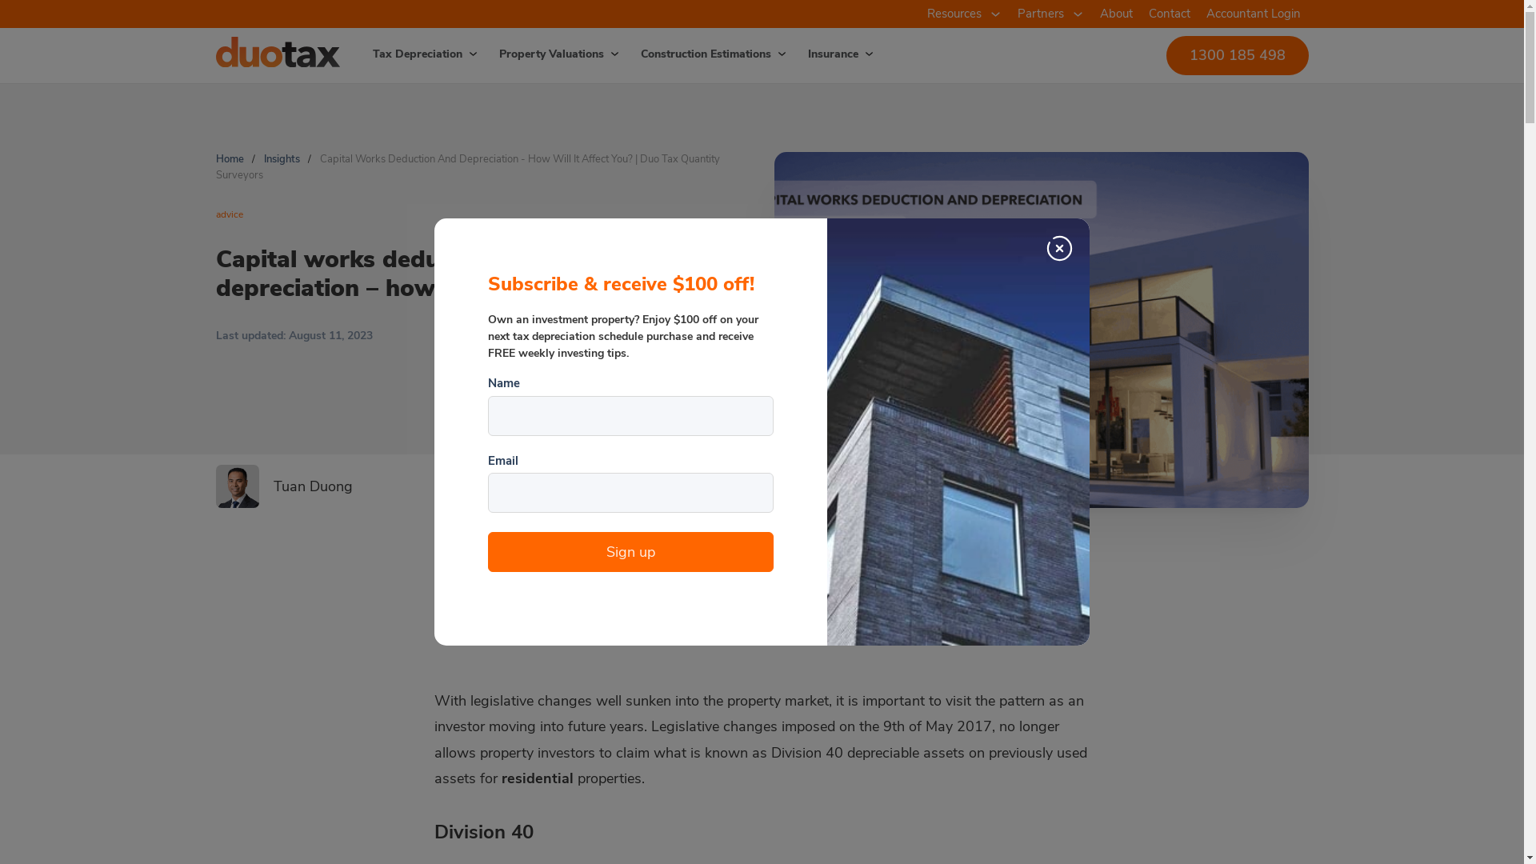 Image resolution: width=1536 pixels, height=864 pixels. Describe the element at coordinates (1236, 54) in the screenshot. I see `'1300 185 498'` at that location.